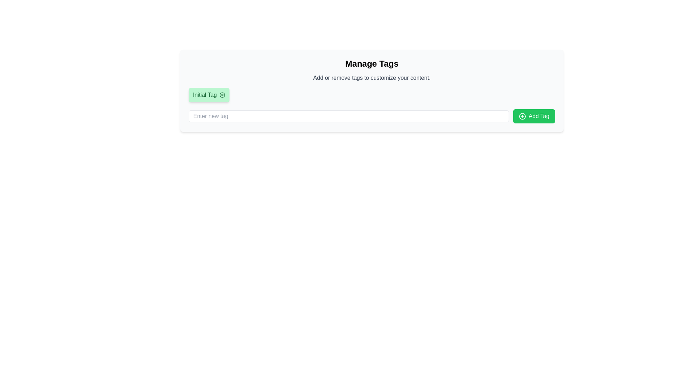 This screenshot has height=383, width=681. What do you see at coordinates (522, 116) in the screenshot?
I see `the circular SVG icon representing the 'Add Tag' button located at the bottom right of the panel` at bounding box center [522, 116].